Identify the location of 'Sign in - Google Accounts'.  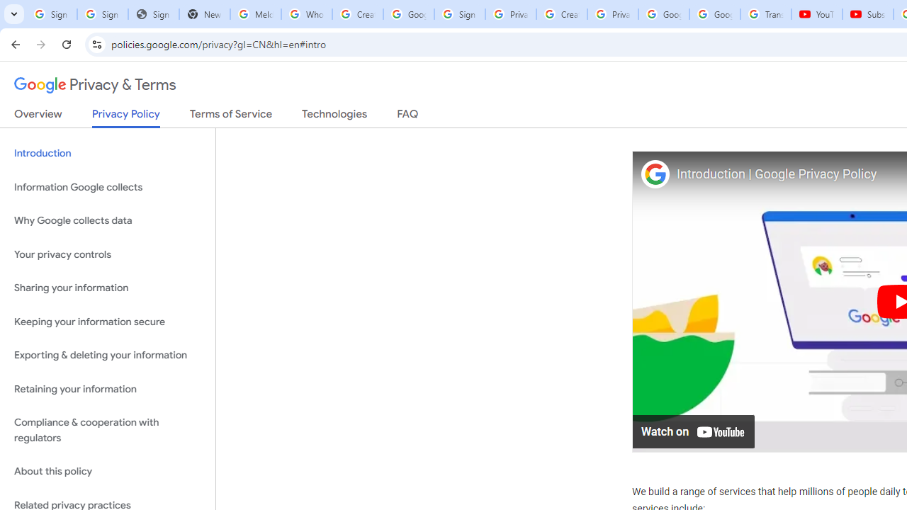
(459, 14).